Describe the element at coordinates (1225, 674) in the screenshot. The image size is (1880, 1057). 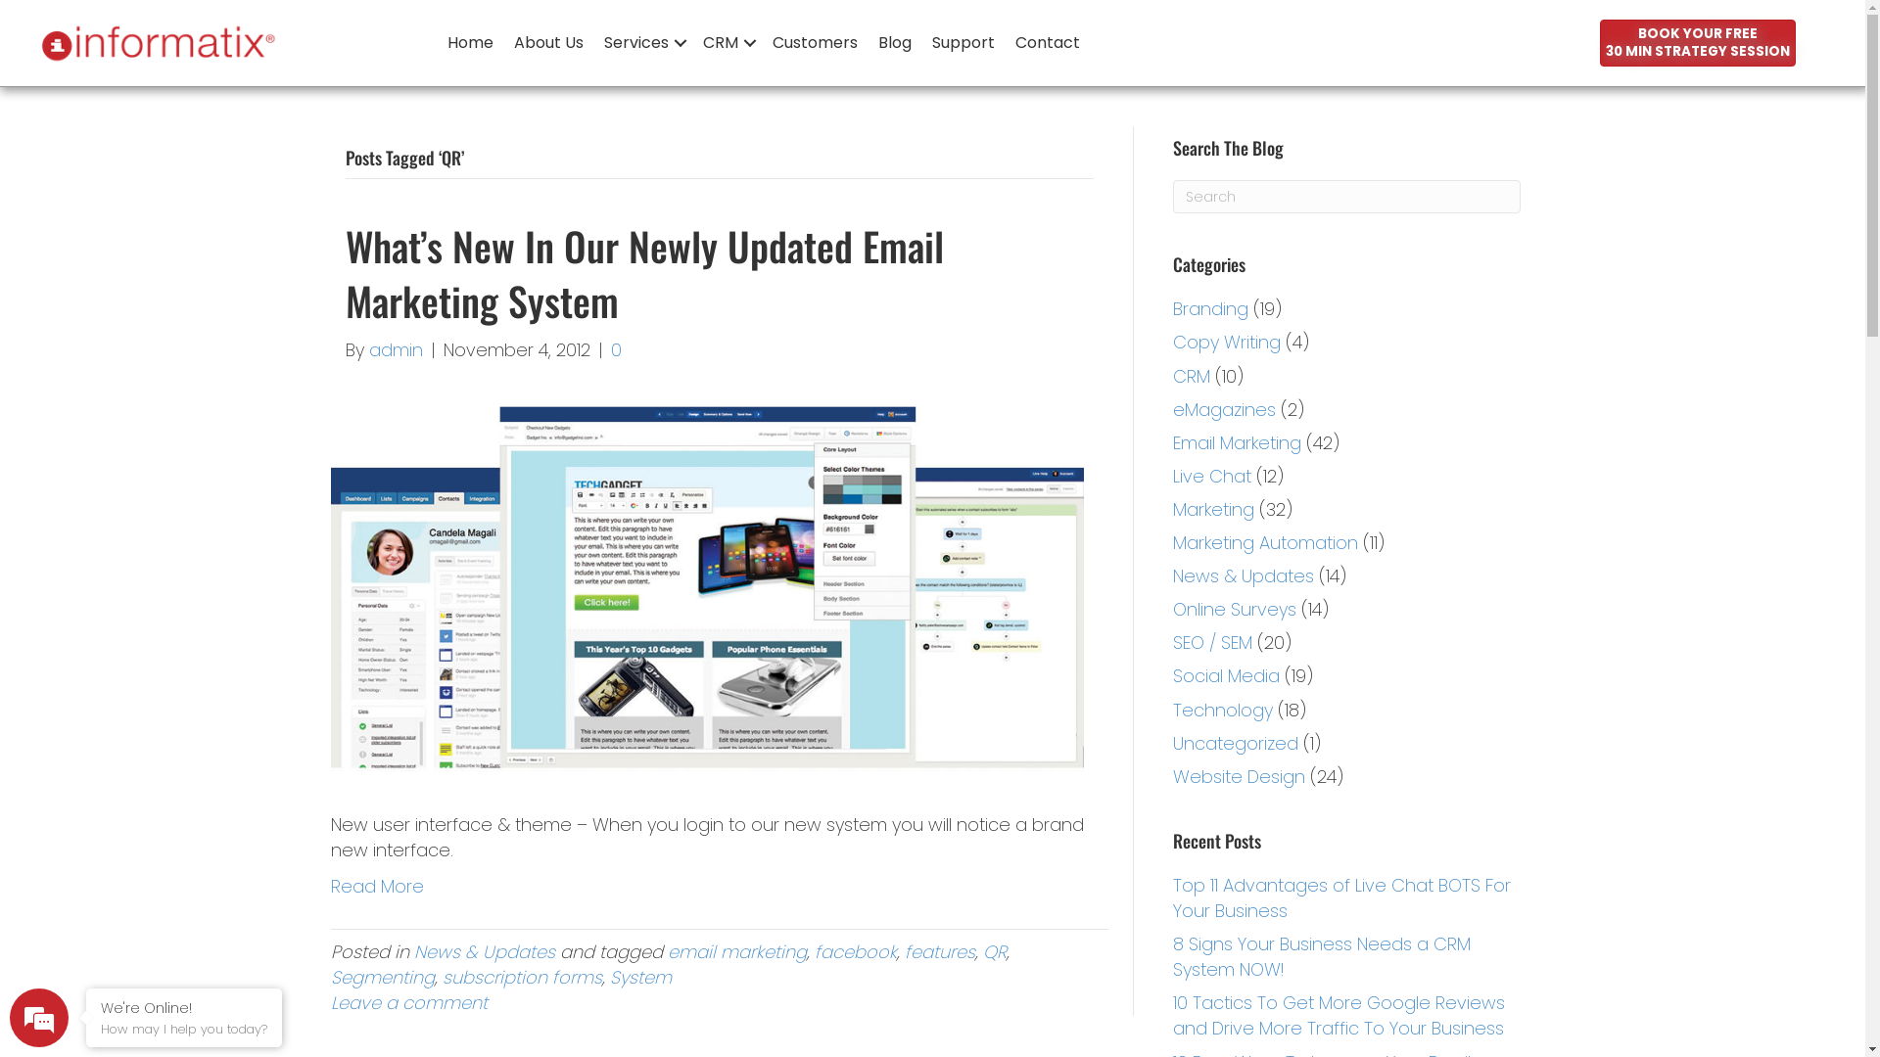
I see `'Social Media'` at that location.